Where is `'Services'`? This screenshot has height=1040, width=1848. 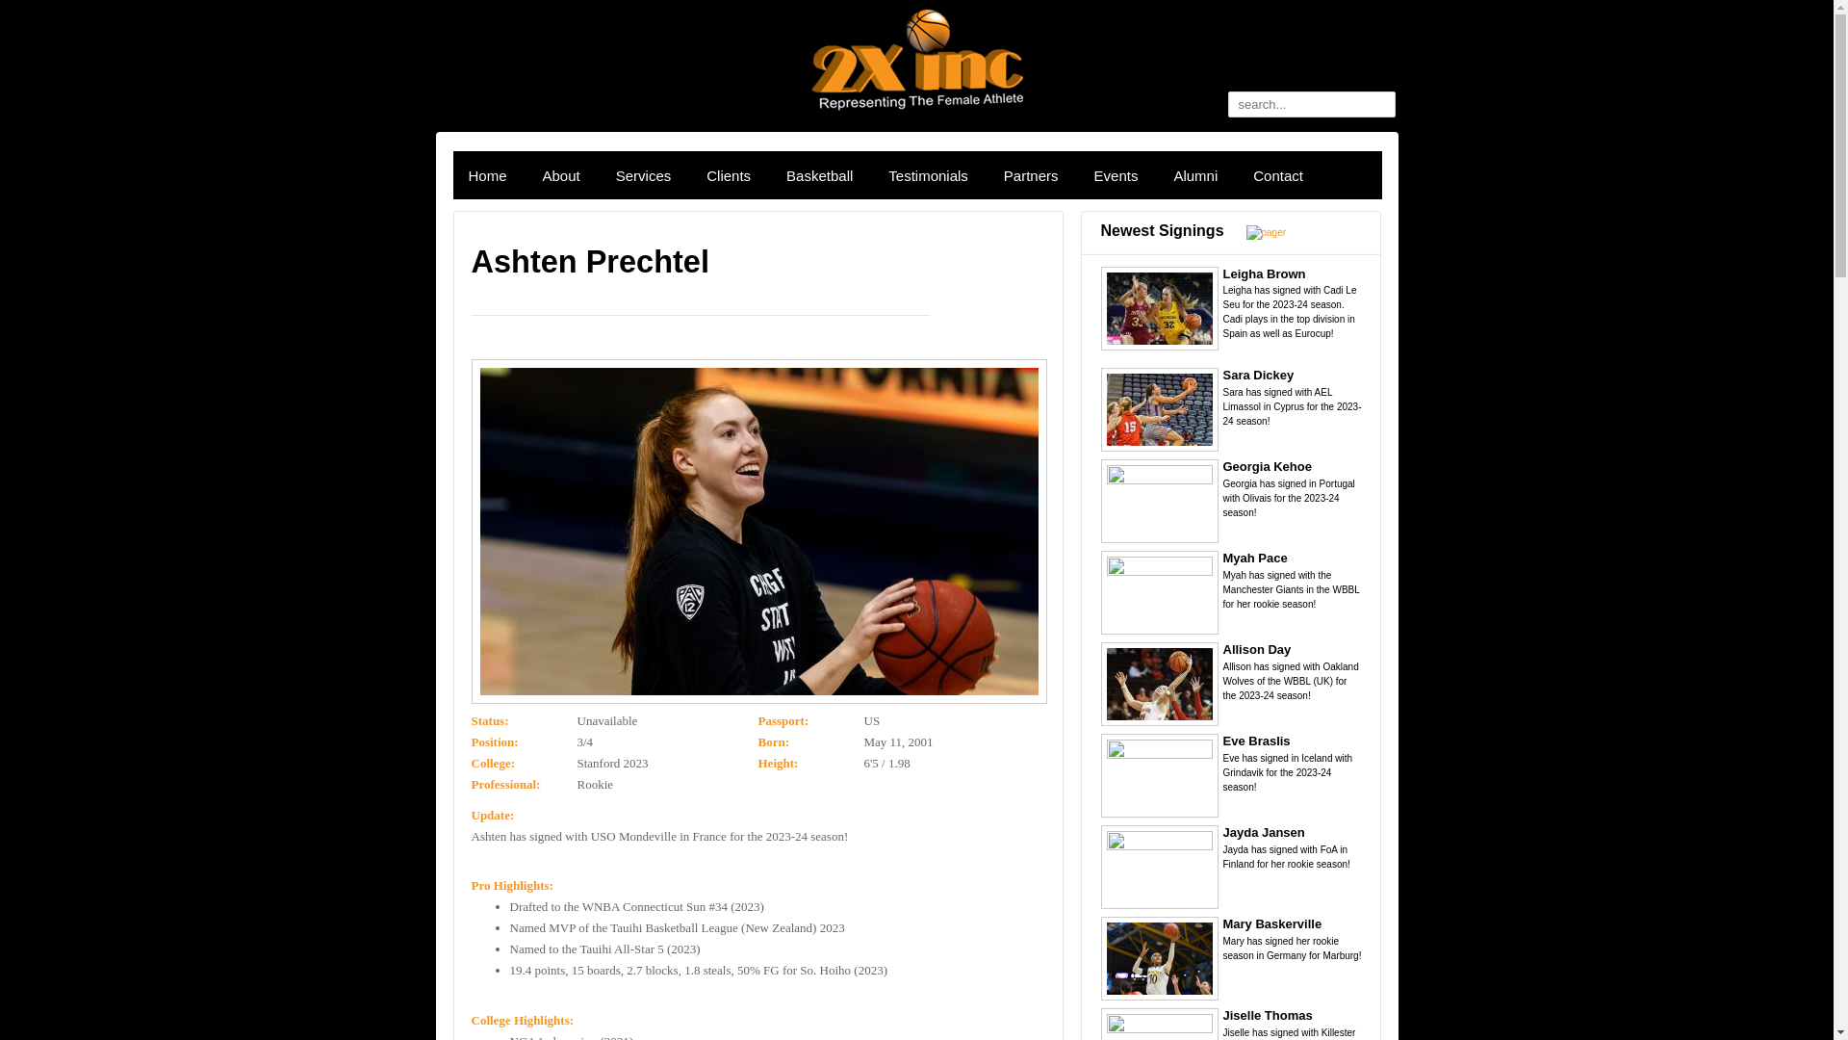
'Services' is located at coordinates (643, 175).